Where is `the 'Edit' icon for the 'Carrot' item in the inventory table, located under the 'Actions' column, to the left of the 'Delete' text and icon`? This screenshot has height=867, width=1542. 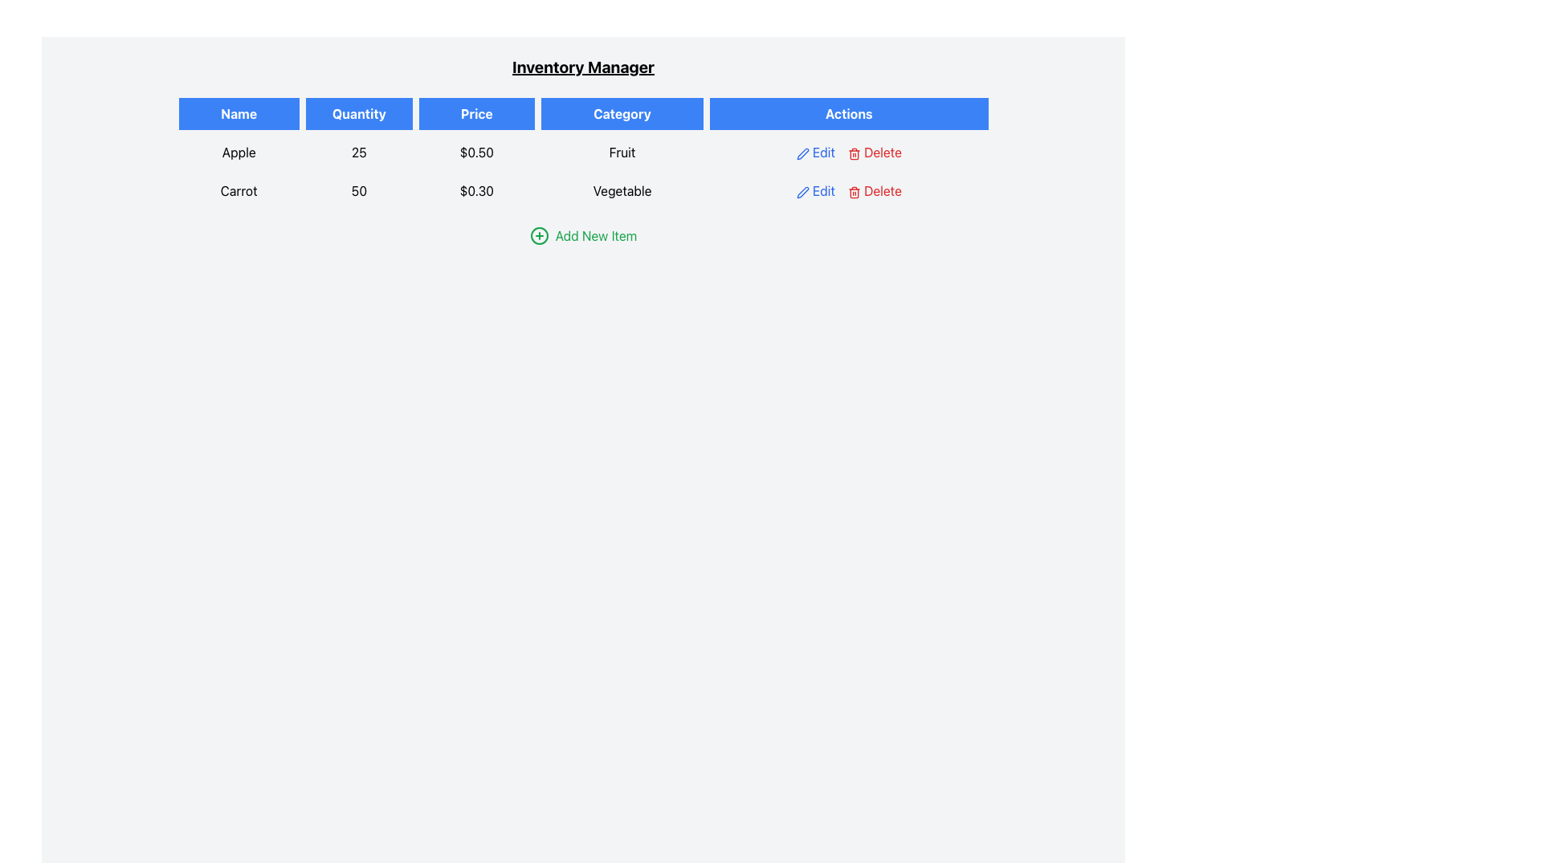 the 'Edit' icon for the 'Carrot' item in the inventory table, located under the 'Actions' column, to the left of the 'Delete' text and icon is located at coordinates (802, 153).